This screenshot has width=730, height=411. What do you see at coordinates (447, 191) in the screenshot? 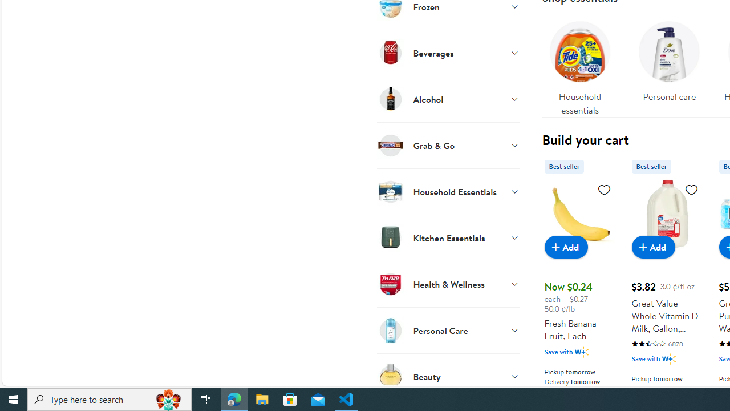
I see `'Household Essentials'` at bounding box center [447, 191].